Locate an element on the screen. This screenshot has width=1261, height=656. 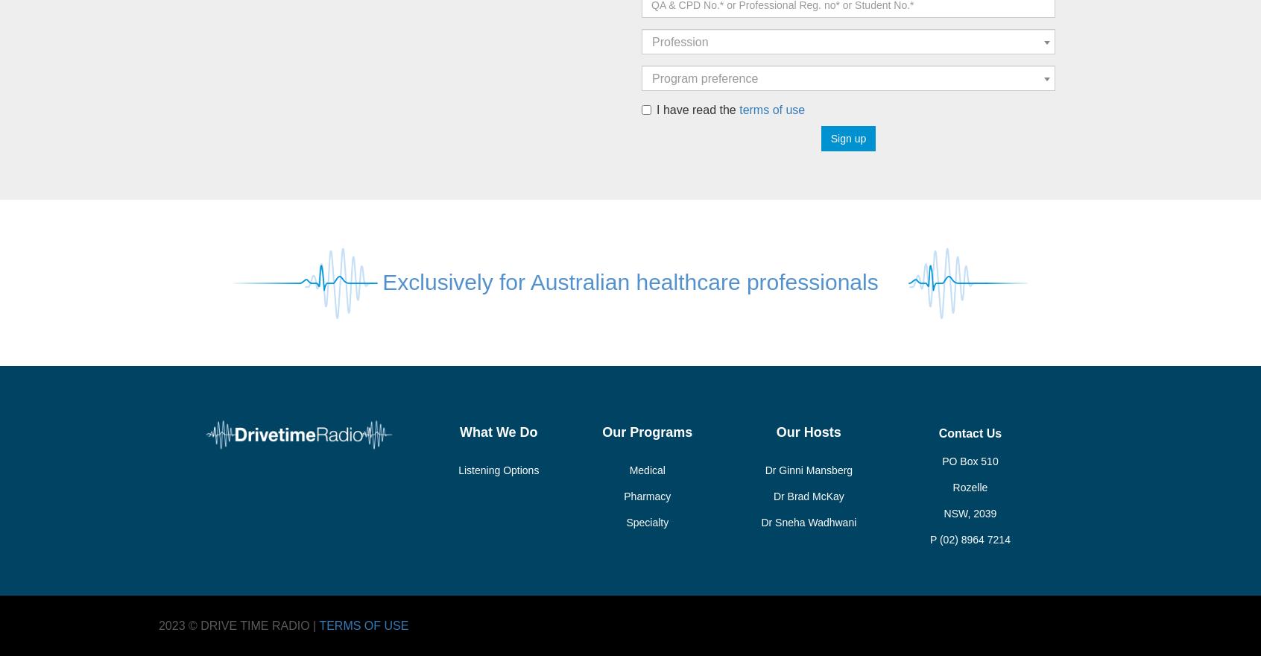
'Pharmacy' is located at coordinates (646, 495).